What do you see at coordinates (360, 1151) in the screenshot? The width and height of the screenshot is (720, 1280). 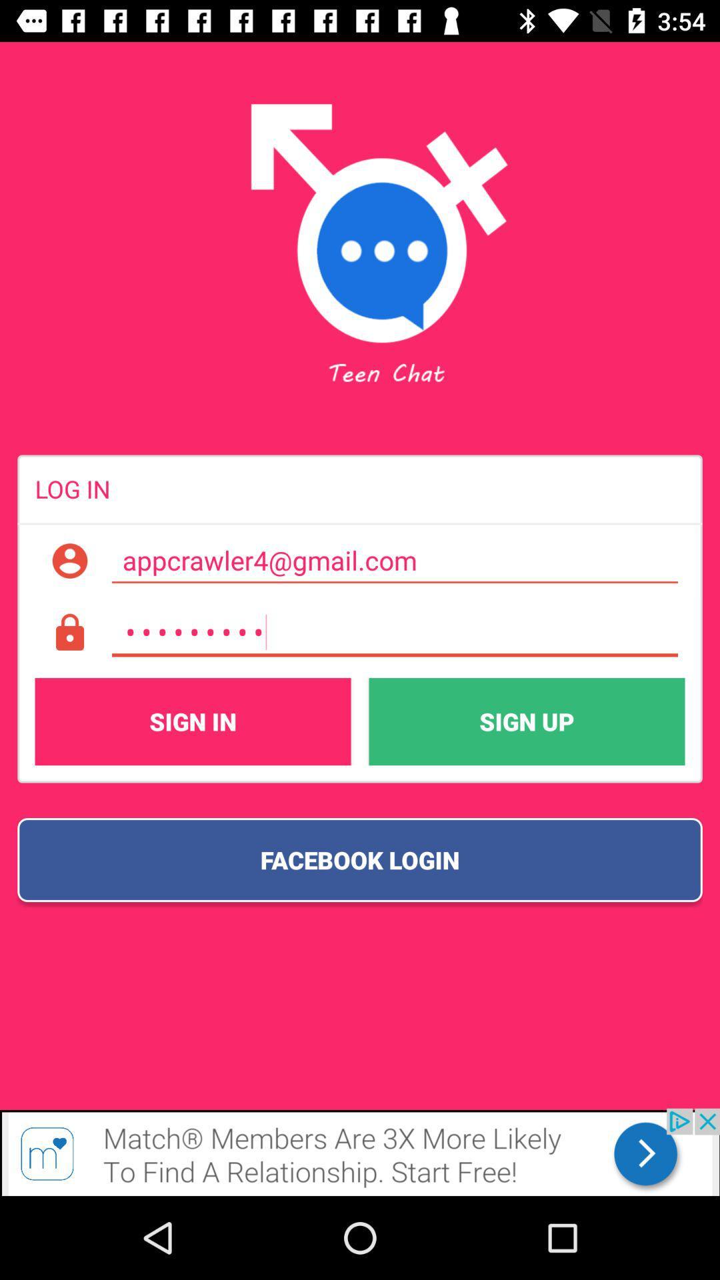 I see `next button` at bounding box center [360, 1151].